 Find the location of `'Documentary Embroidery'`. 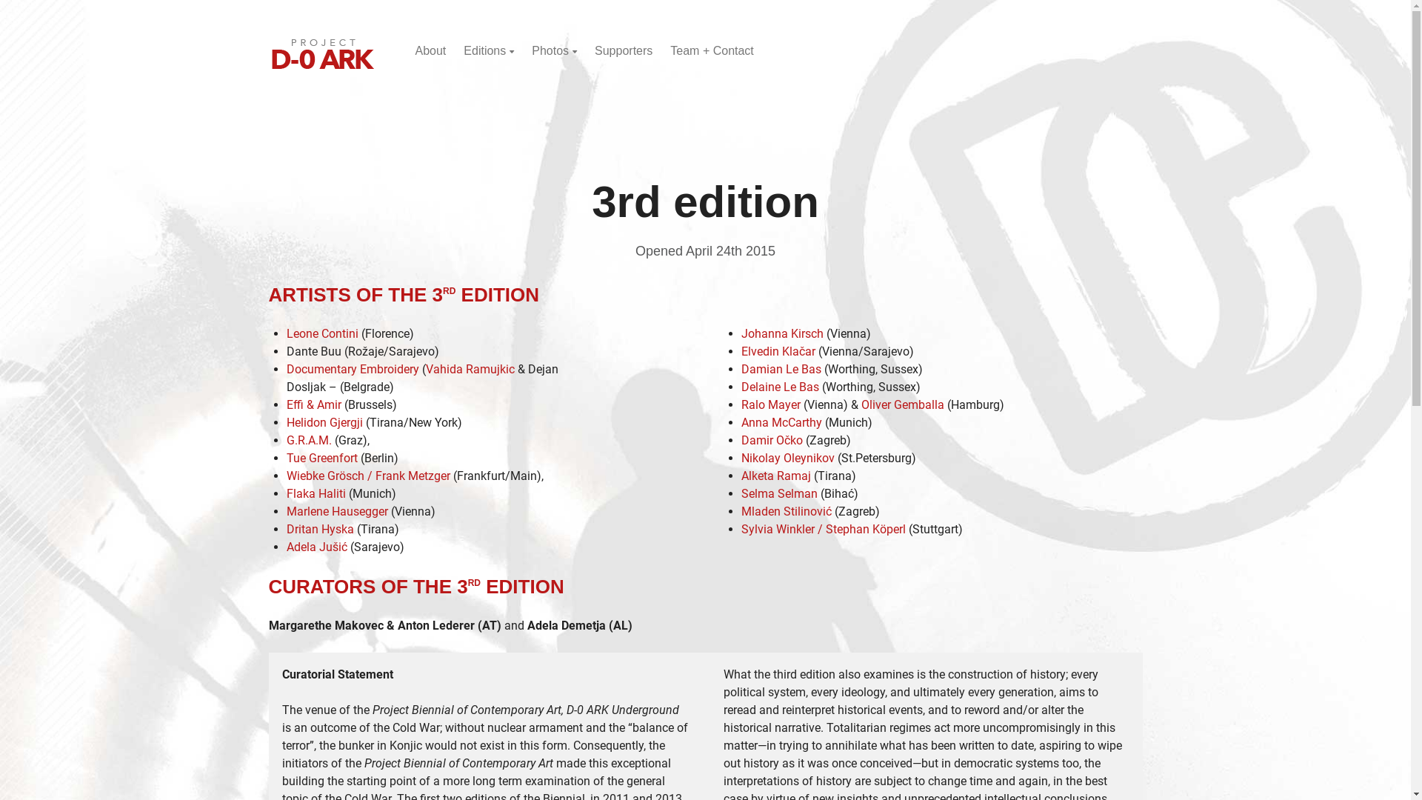

'Documentary Embroidery' is located at coordinates (351, 368).